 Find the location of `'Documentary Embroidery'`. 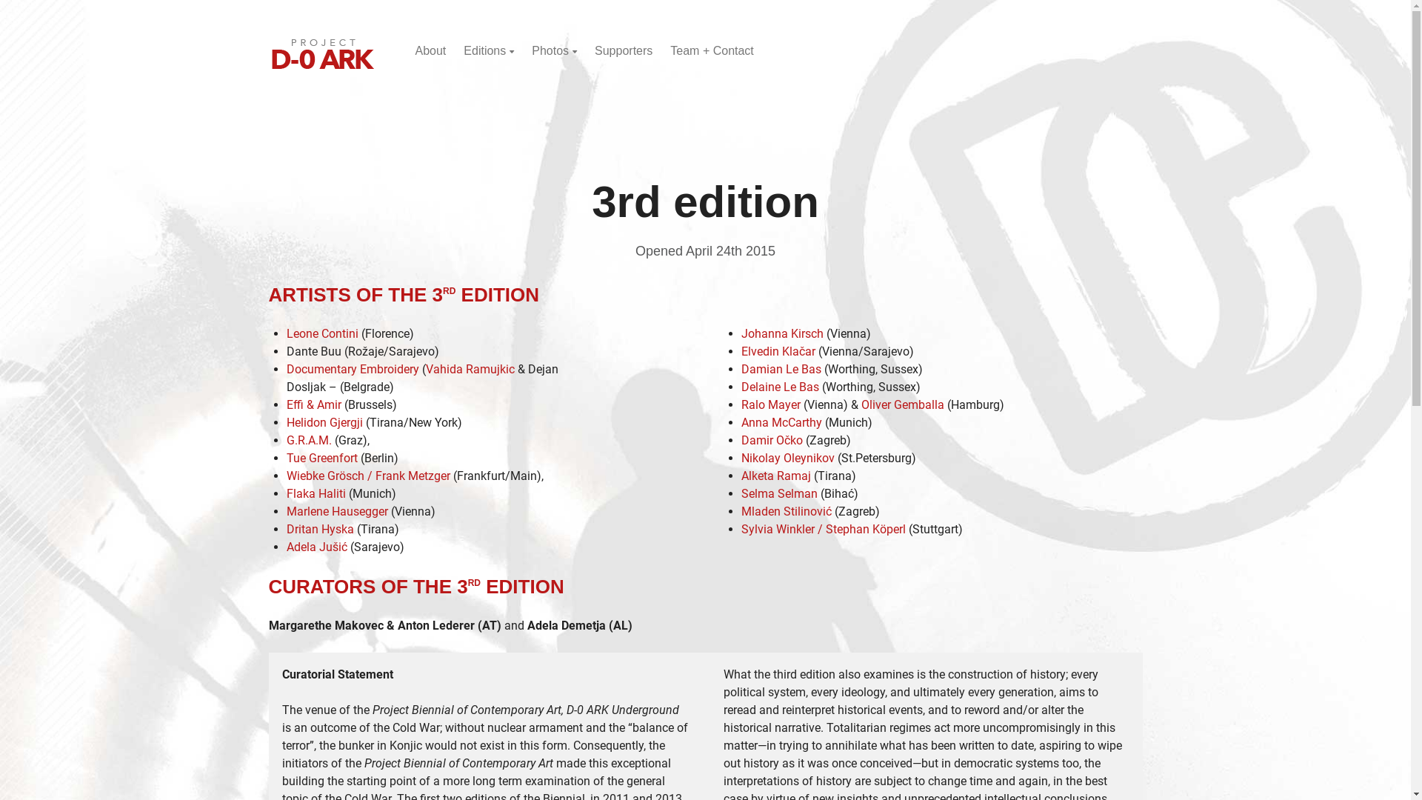

'Documentary Embroidery' is located at coordinates (351, 368).